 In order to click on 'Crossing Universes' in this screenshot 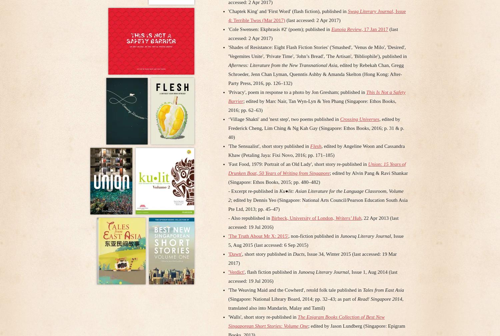, I will do `click(359, 119)`.